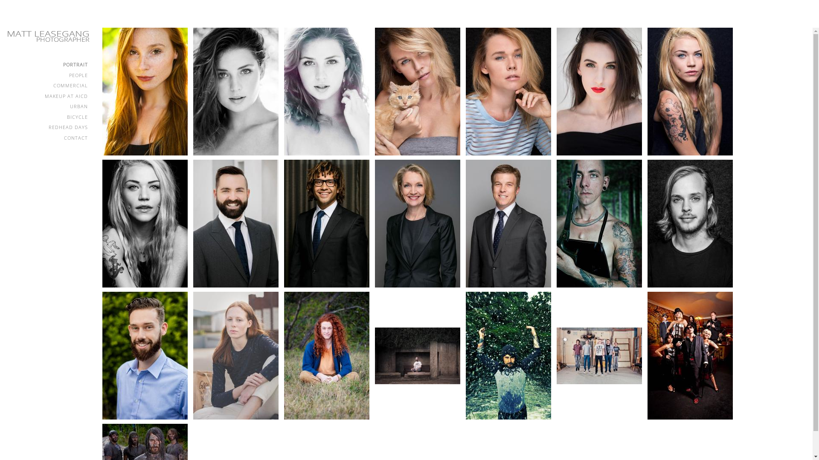 The height and width of the screenshot is (460, 819). Describe the element at coordinates (6, 64) in the screenshot. I see `'PORTRAIT'` at that location.